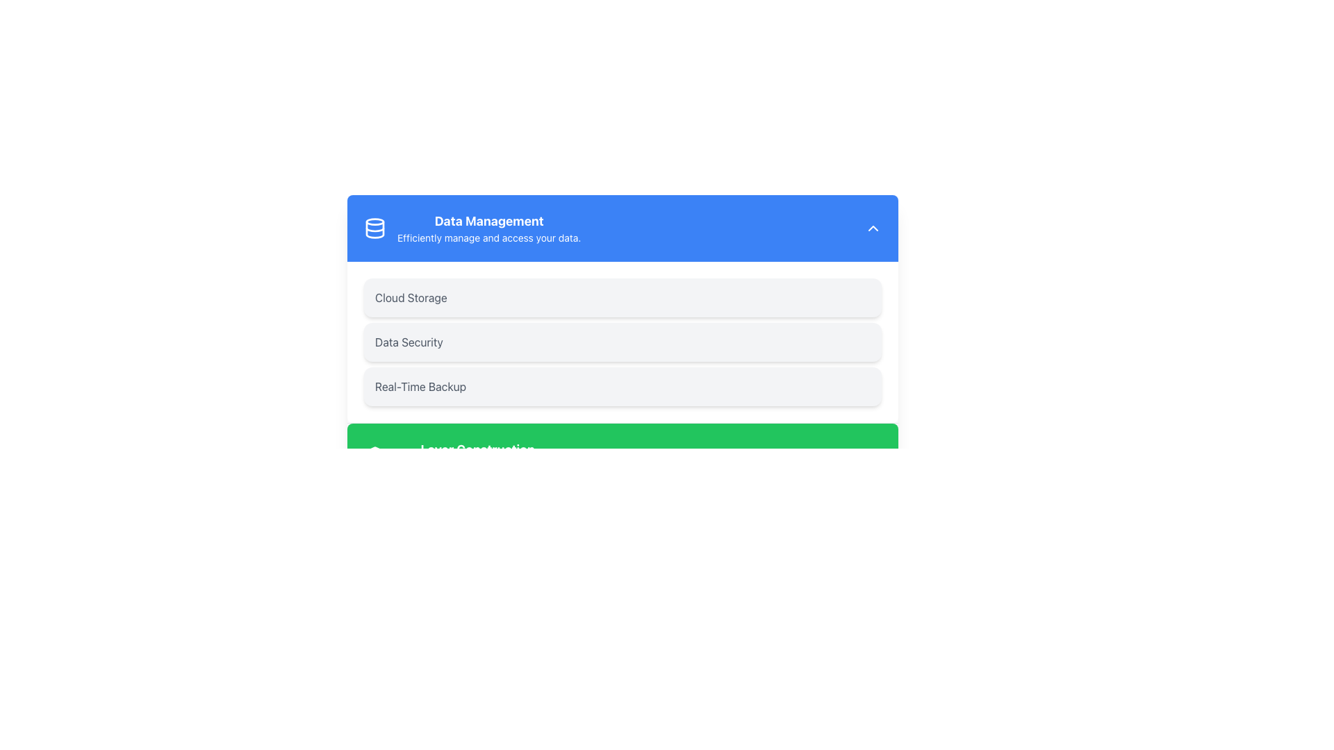  What do you see at coordinates (489, 221) in the screenshot?
I see `the prominent 'Data Management' heading, which is styled in bold and located in a blue header background next to a data storage icon` at bounding box center [489, 221].